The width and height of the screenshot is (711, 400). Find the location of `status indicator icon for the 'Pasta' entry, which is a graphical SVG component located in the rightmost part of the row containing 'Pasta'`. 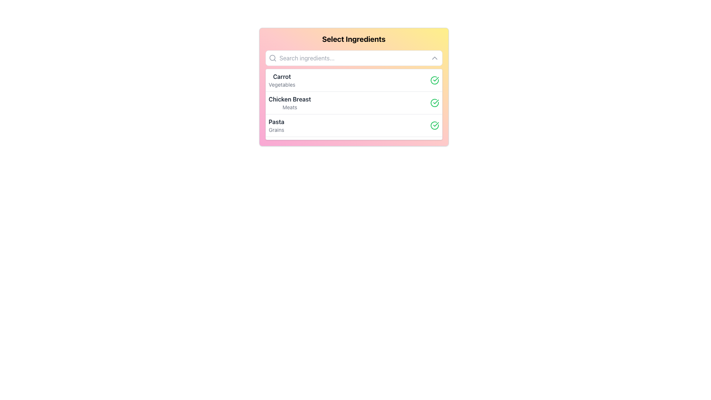

status indicator icon for the 'Pasta' entry, which is a graphical SVG component located in the rightmost part of the row containing 'Pasta' is located at coordinates (434, 125).